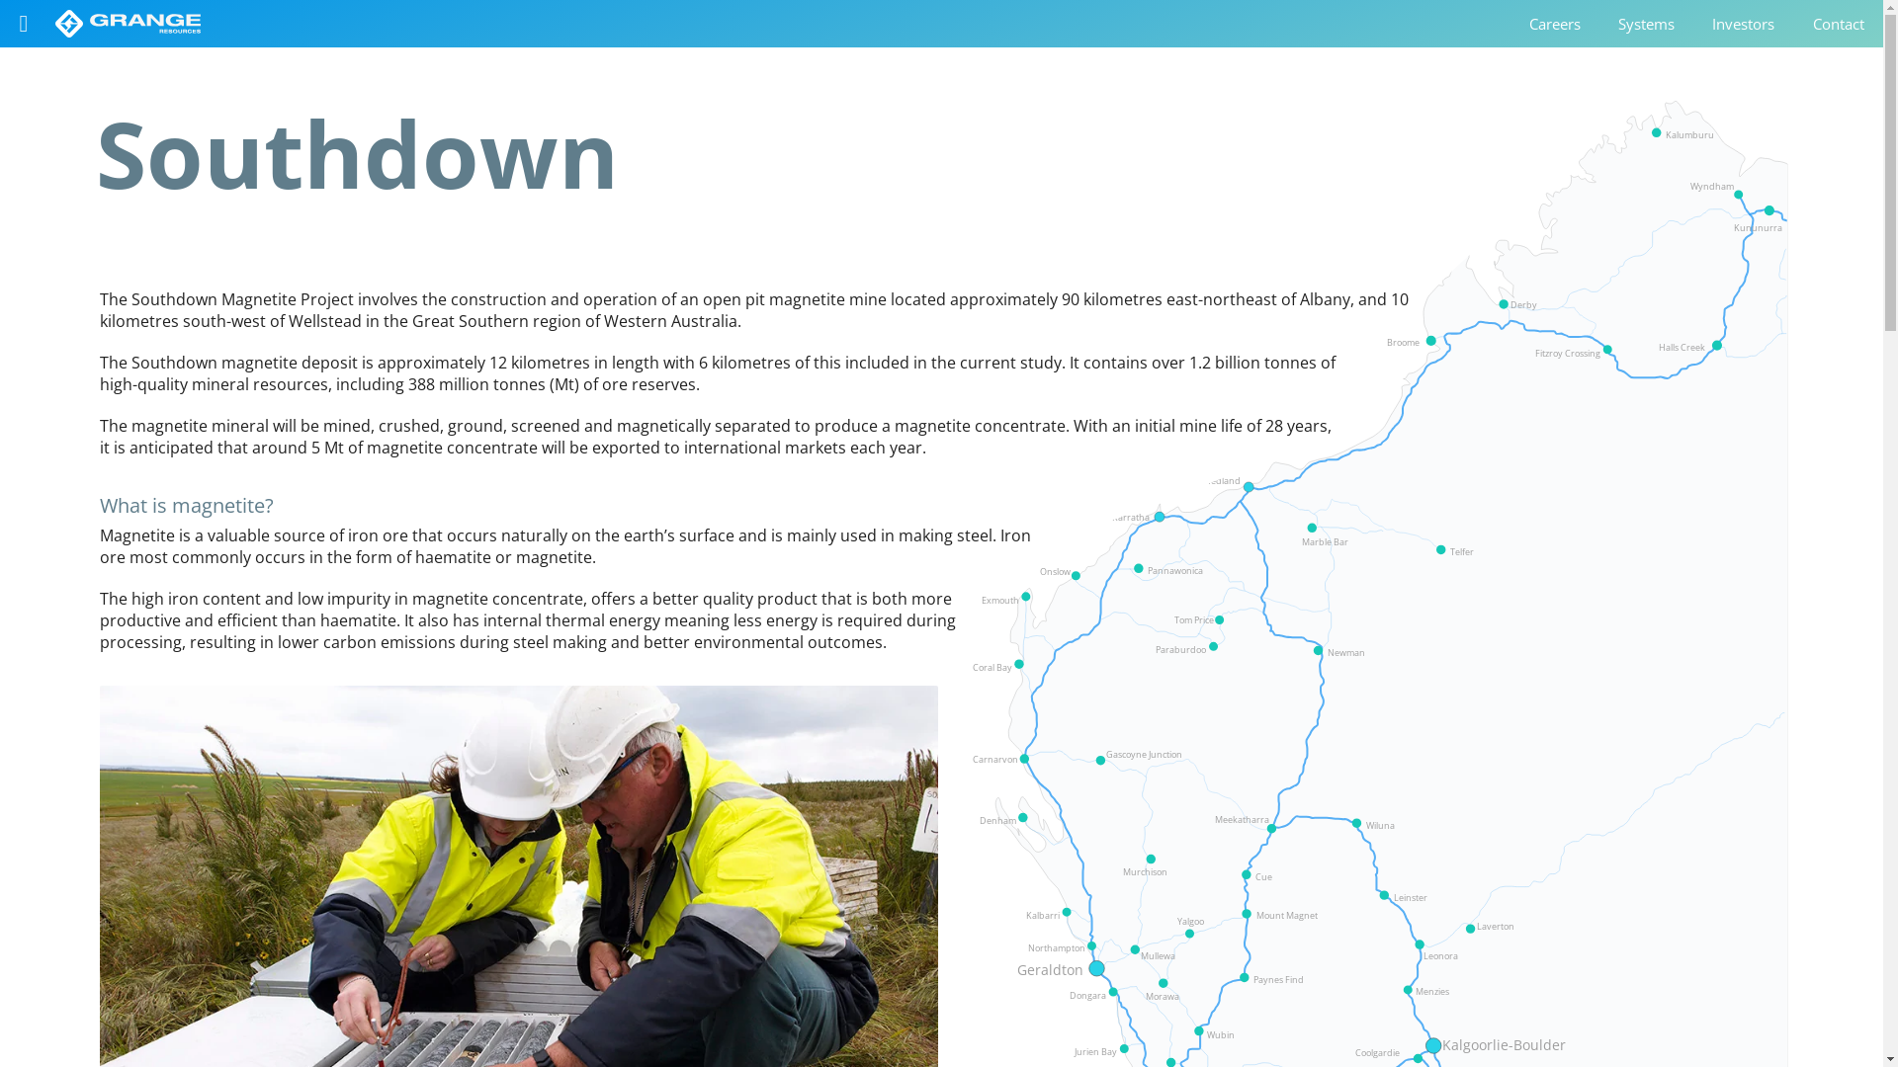 This screenshot has height=1067, width=1898. What do you see at coordinates (24, 23) in the screenshot?
I see `'Open the menu'` at bounding box center [24, 23].